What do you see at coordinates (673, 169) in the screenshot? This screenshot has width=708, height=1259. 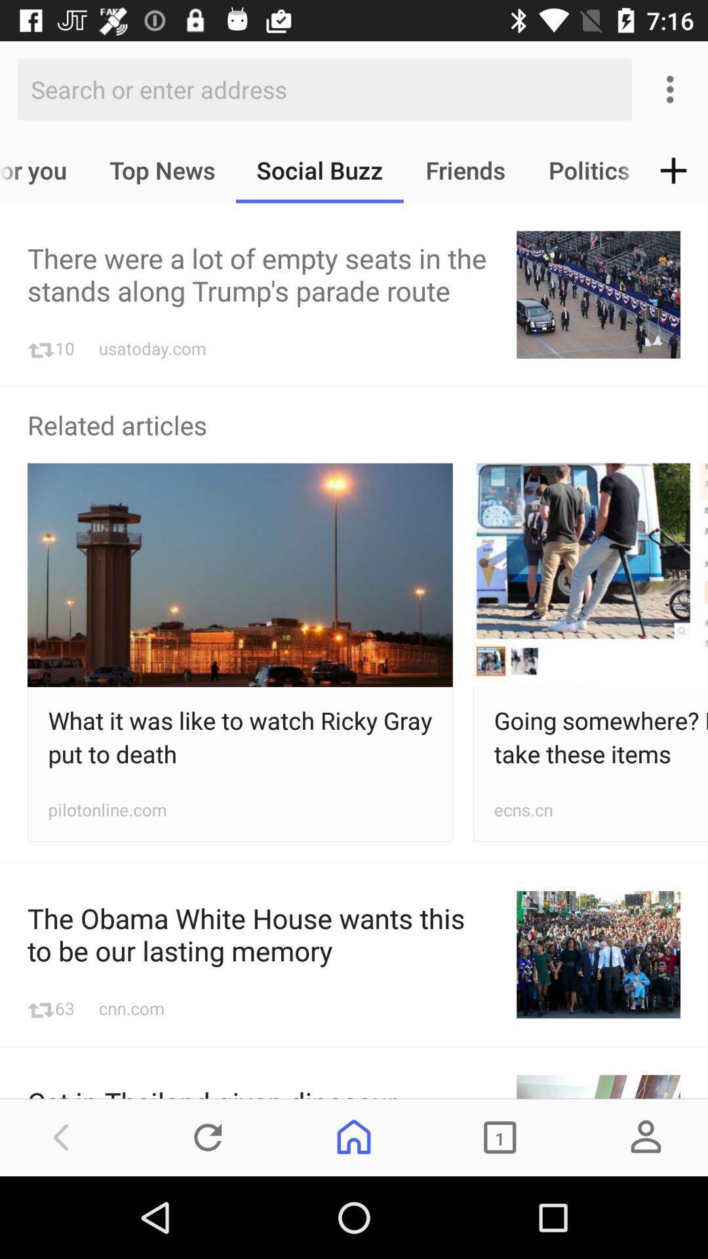 I see `item to the right of the politics` at bounding box center [673, 169].